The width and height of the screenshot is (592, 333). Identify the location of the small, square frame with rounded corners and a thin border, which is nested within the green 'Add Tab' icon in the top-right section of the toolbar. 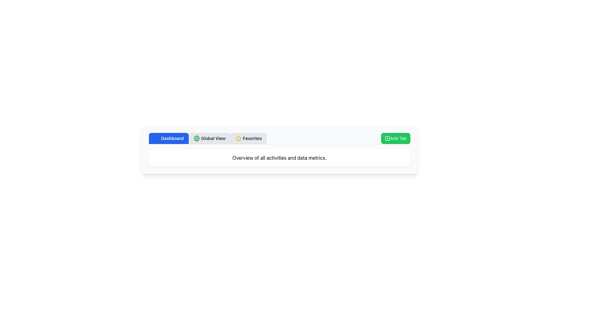
(387, 138).